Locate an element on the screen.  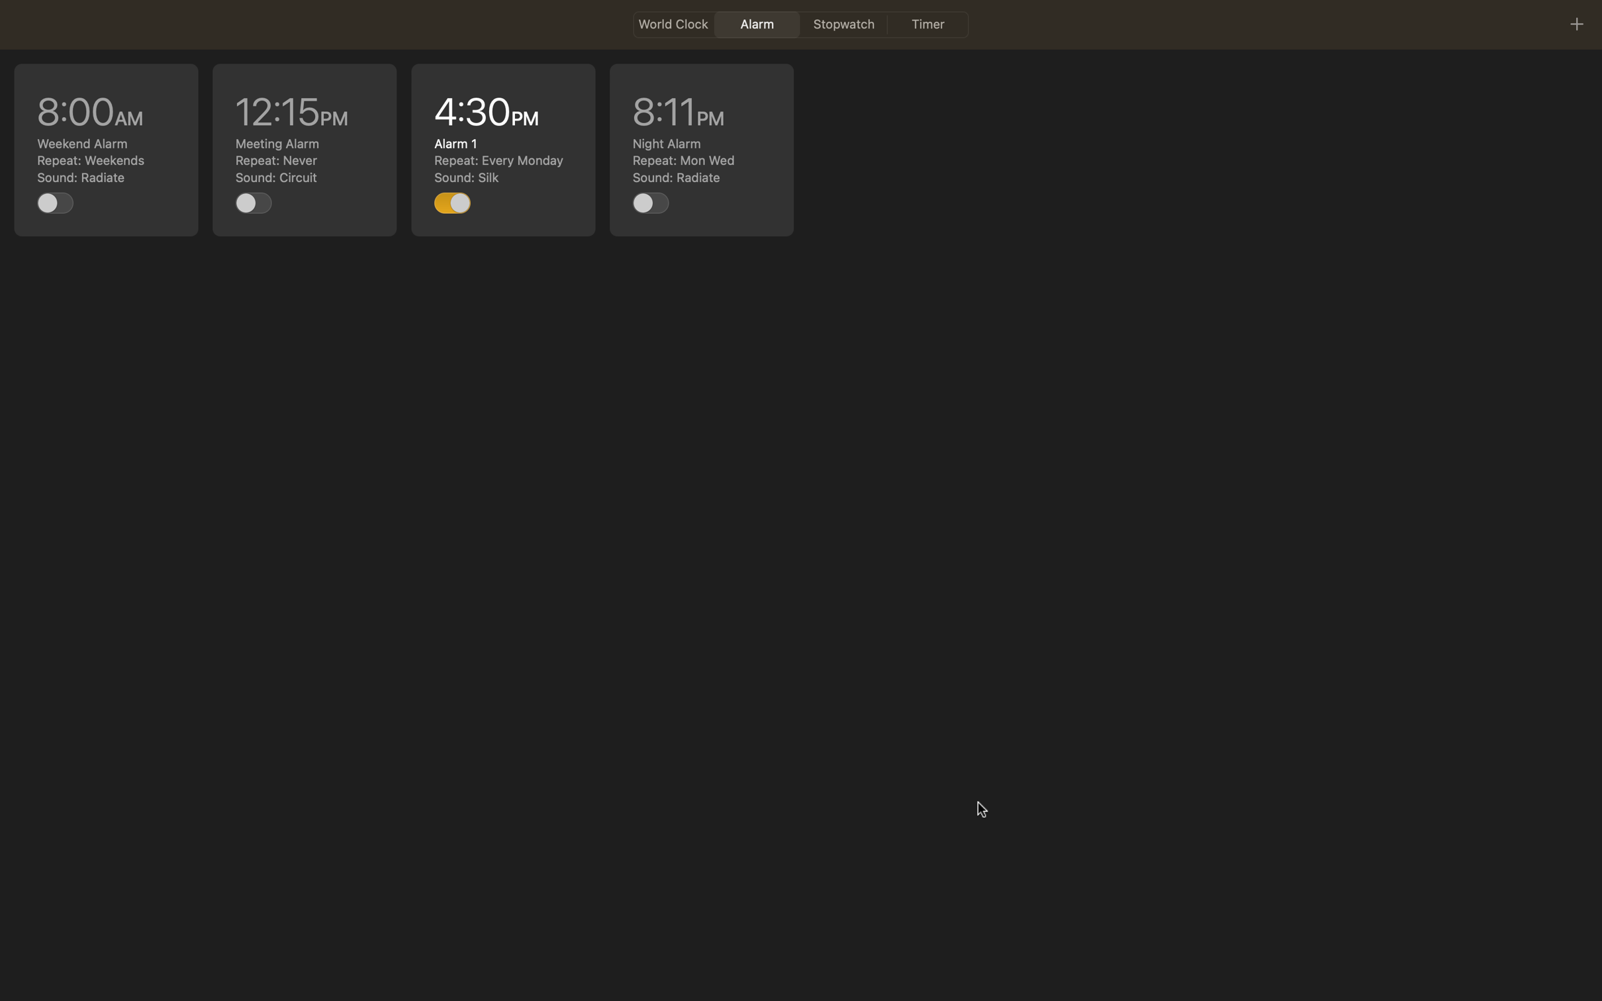
the event scheduled at 12pm is located at coordinates (305, 149).